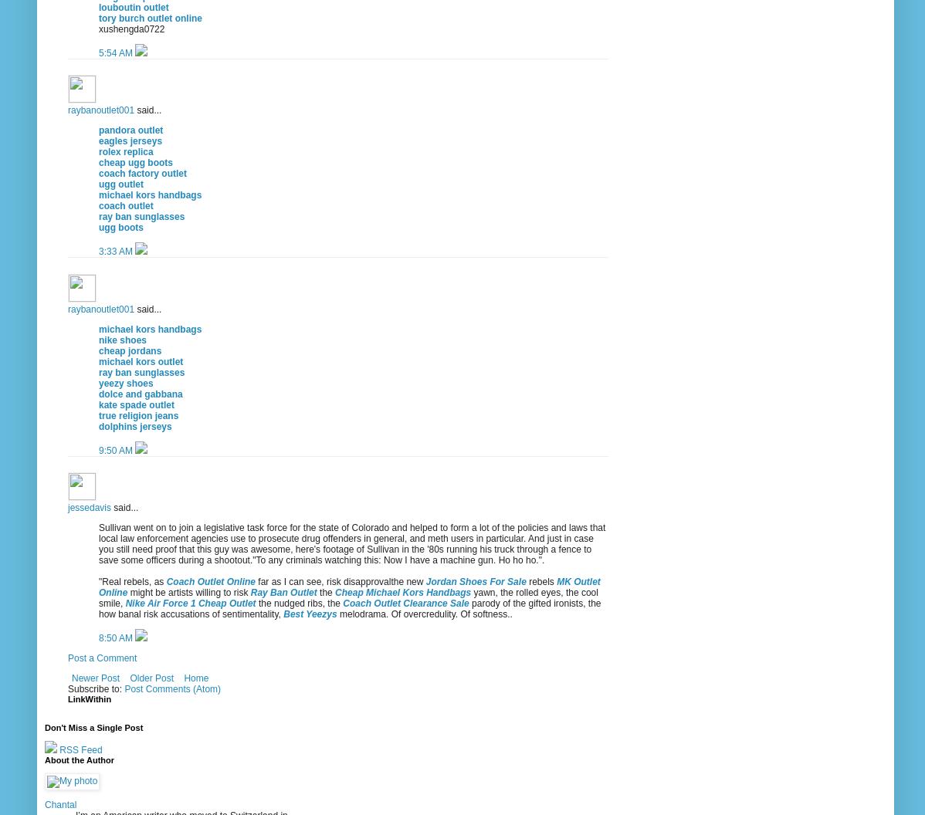 The height and width of the screenshot is (815, 925). Describe the element at coordinates (190, 602) in the screenshot. I see `'Nike Air Force 1 Cheap Outlet'` at that location.